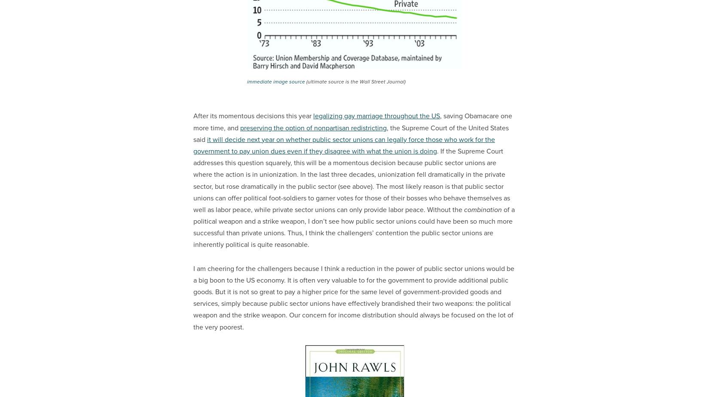 Image resolution: width=709 pixels, height=397 pixels. I want to click on '(ultimate source is the Wall Street Journal)', so click(355, 82).